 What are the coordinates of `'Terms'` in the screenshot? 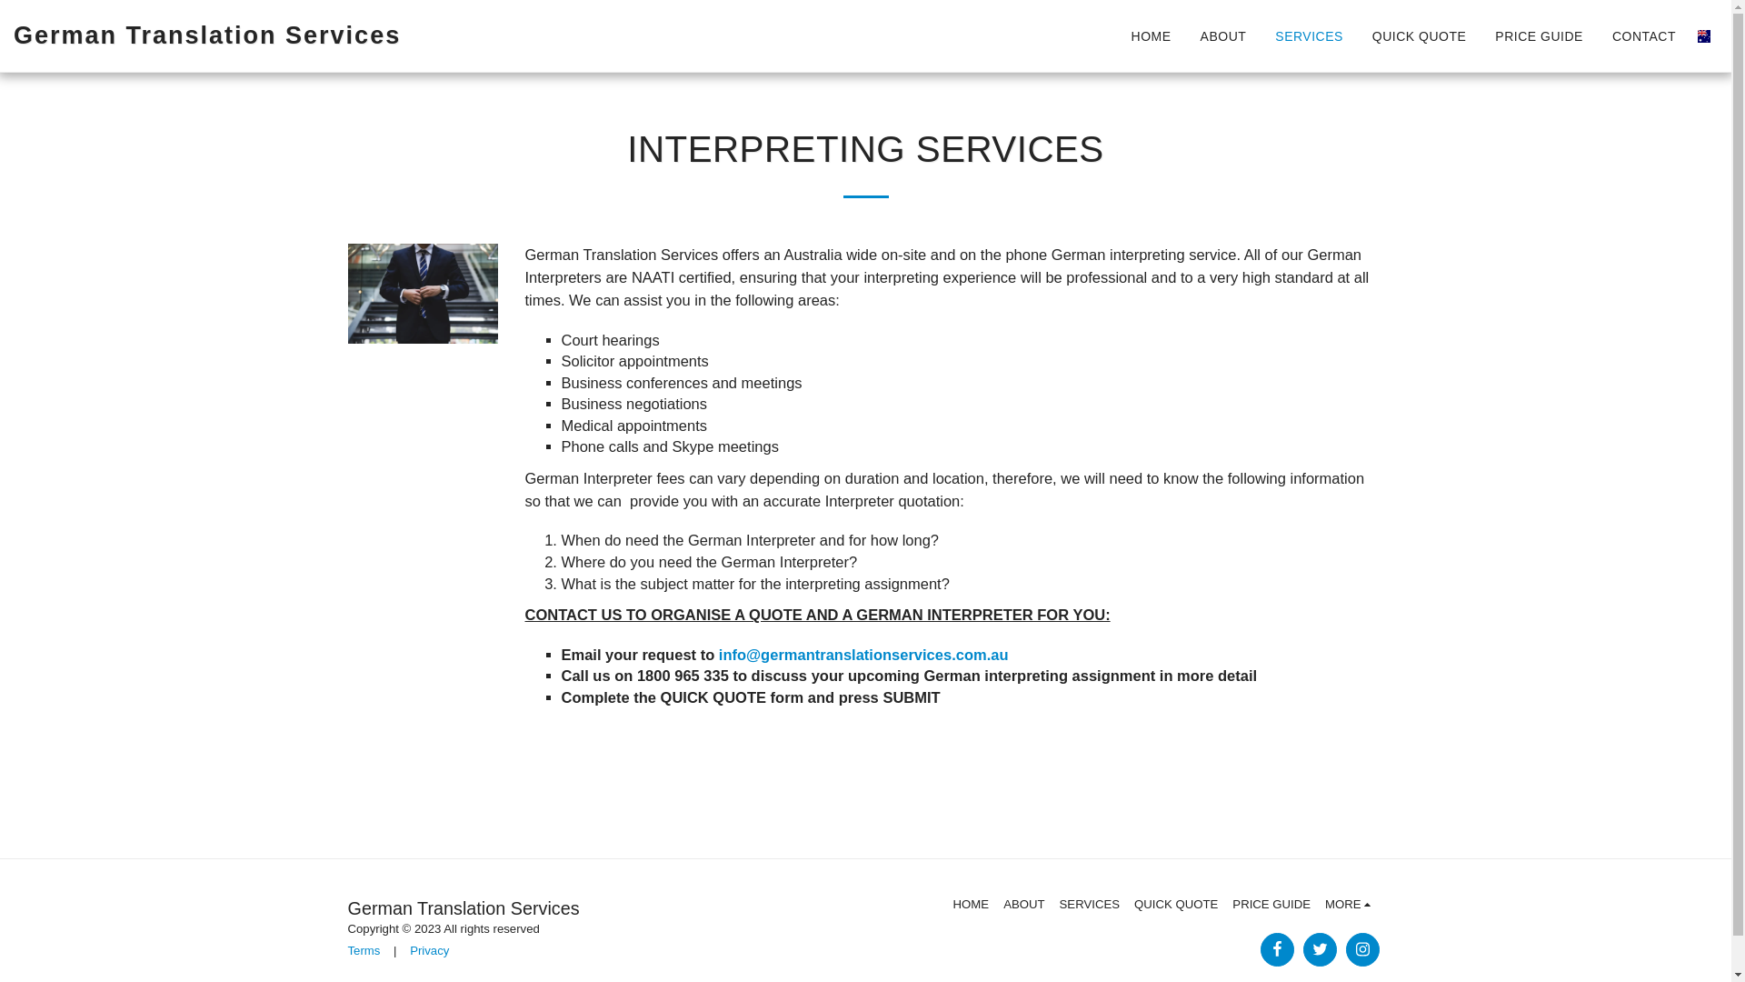 It's located at (363, 949).